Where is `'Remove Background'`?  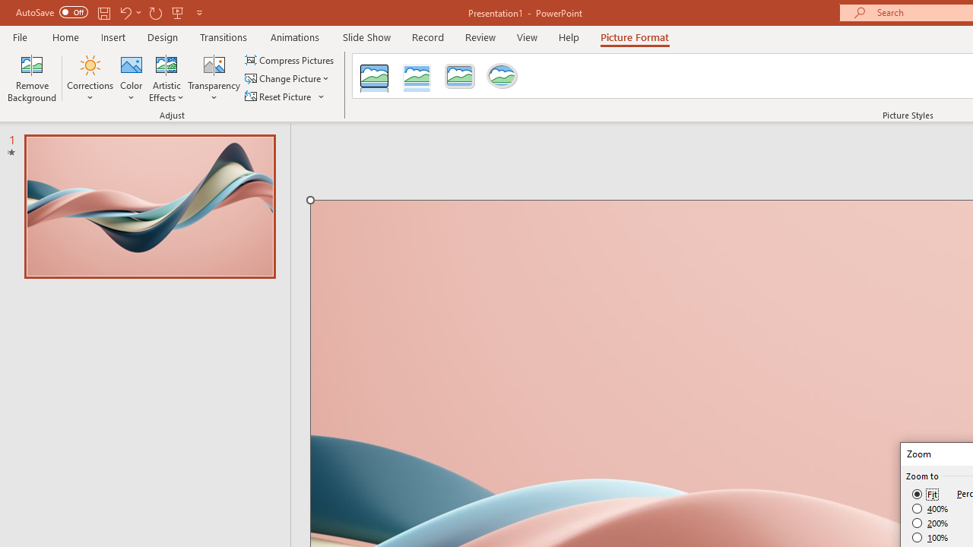
'Remove Background' is located at coordinates (32, 78).